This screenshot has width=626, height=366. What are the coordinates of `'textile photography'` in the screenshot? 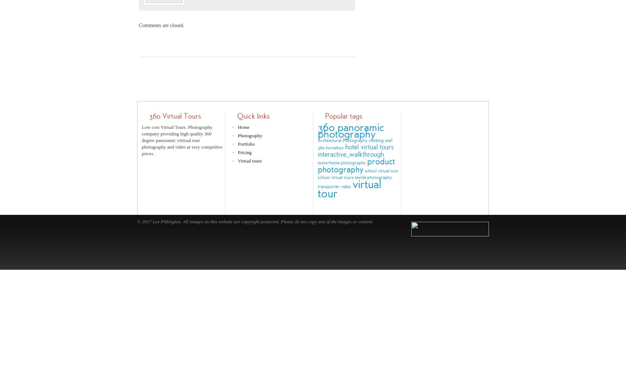 It's located at (373, 177).